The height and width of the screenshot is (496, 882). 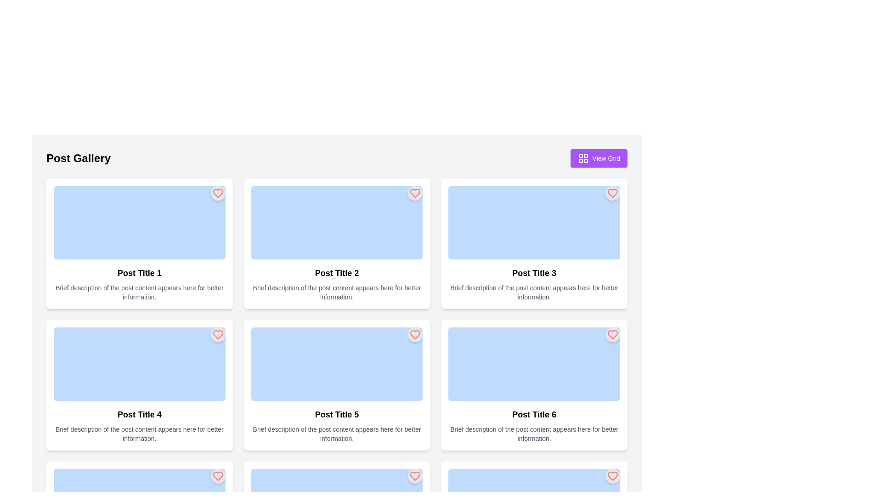 What do you see at coordinates (534, 292) in the screenshot?
I see `the text block displaying 'Brief description of the post content appears here for better information.', which is styled with gray text color and small font size, located directly below the heading 'Post Title 3'` at bounding box center [534, 292].